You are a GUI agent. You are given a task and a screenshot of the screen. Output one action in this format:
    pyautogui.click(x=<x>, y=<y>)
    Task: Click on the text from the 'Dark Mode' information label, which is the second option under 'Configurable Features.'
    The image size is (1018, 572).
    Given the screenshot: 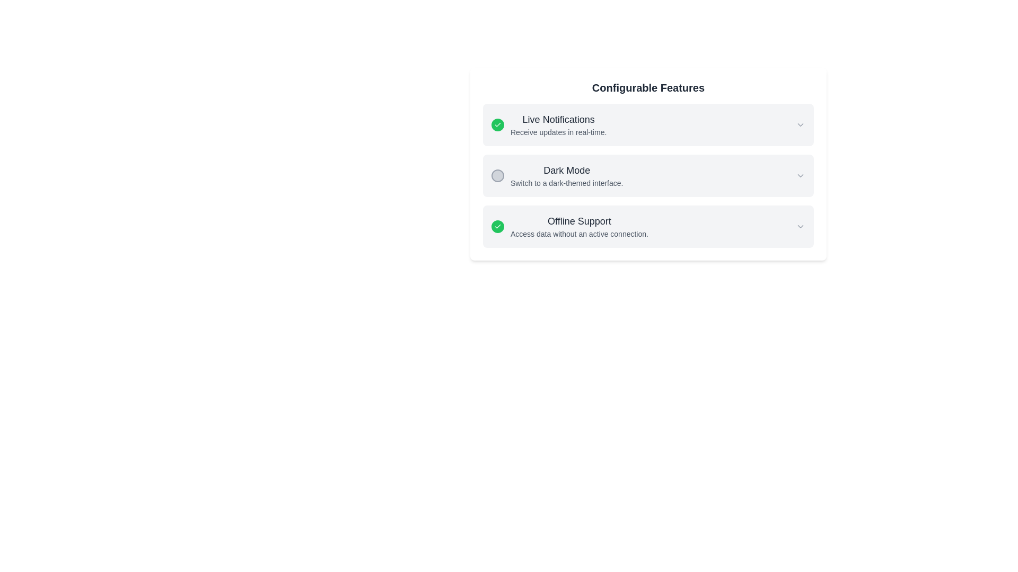 What is the action you would take?
    pyautogui.click(x=566, y=175)
    